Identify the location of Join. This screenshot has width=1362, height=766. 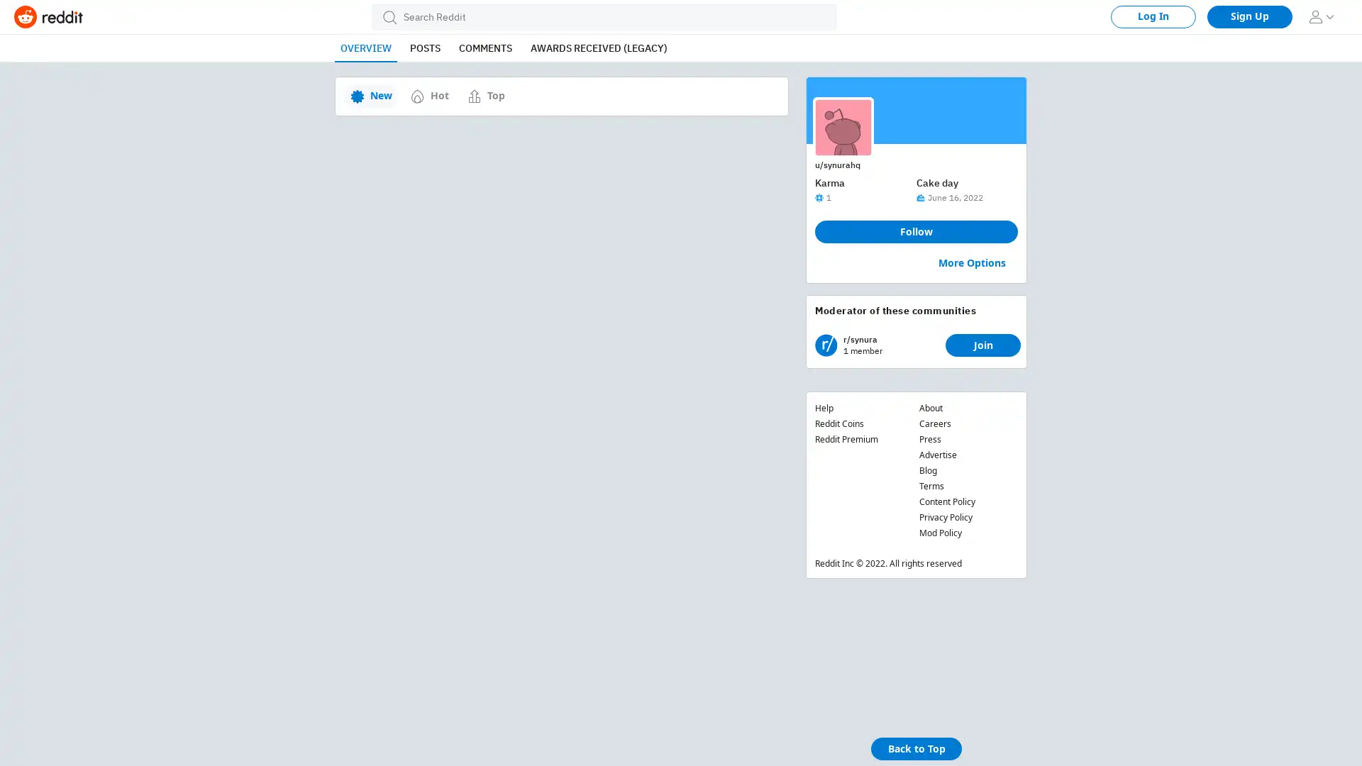
(982, 345).